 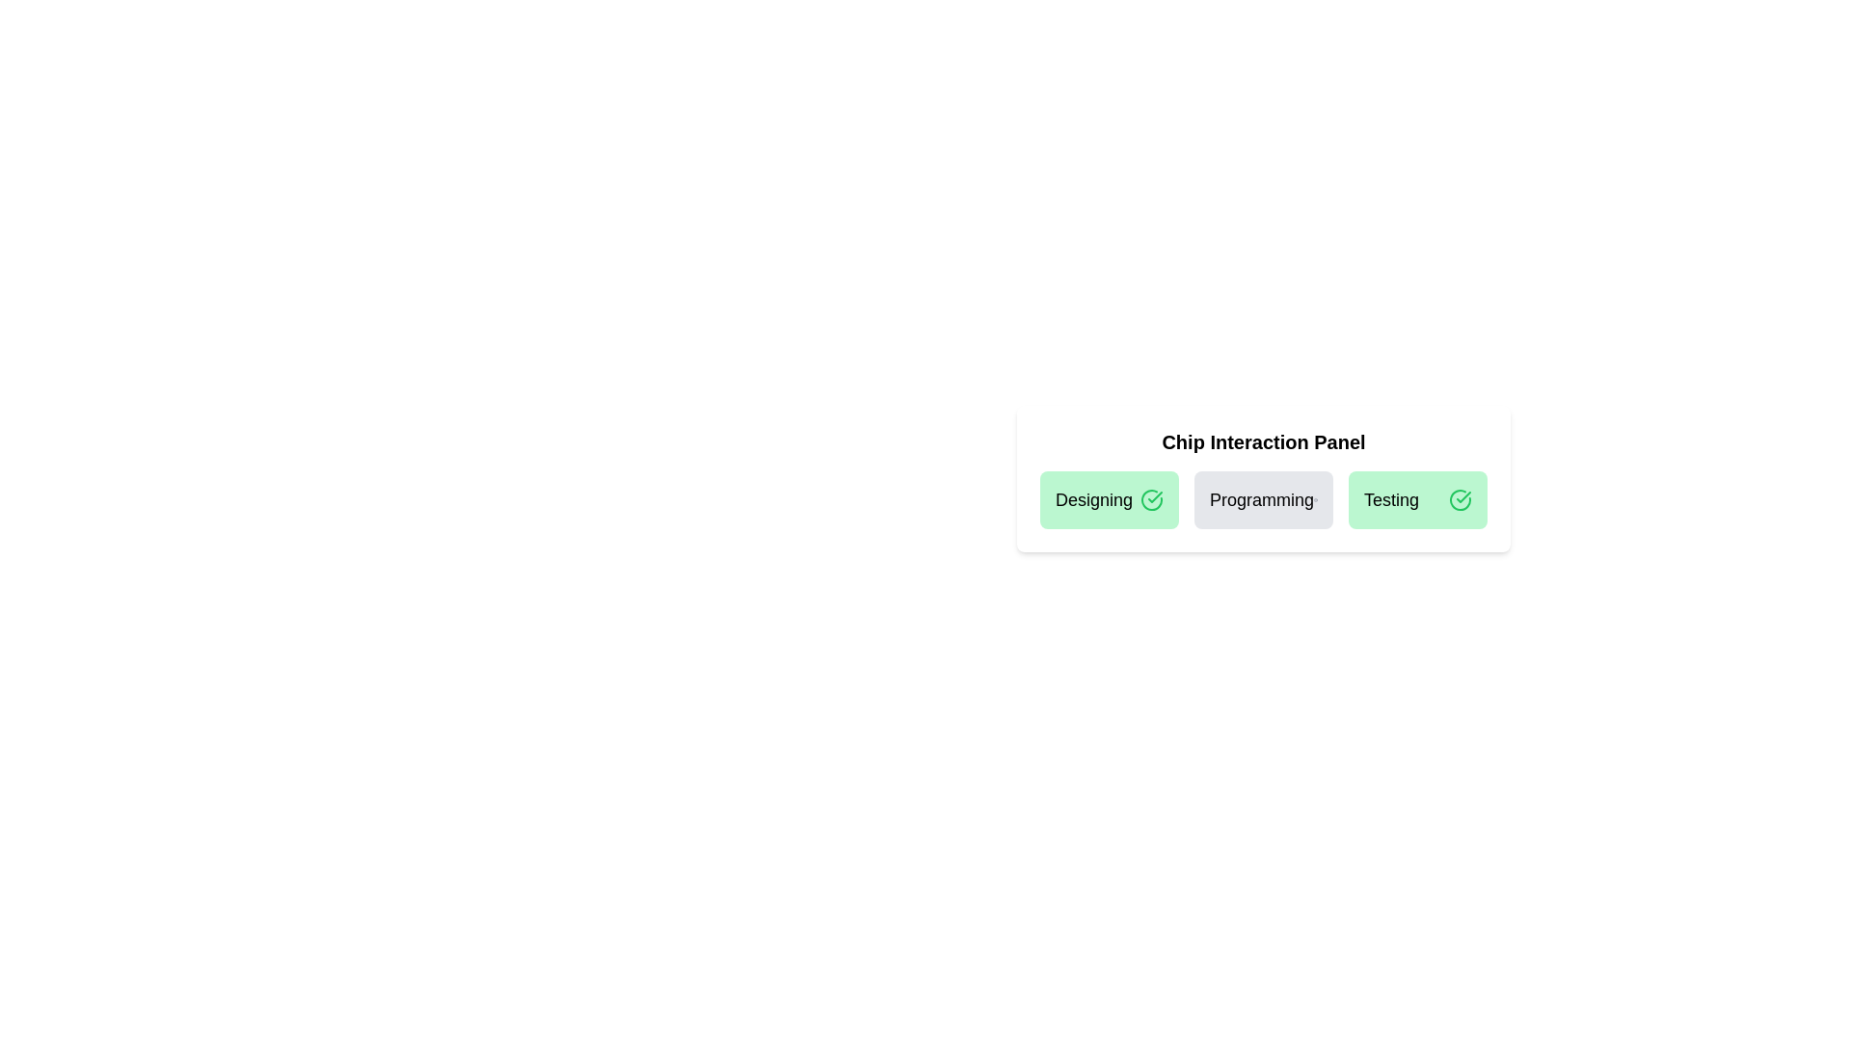 What do you see at coordinates (1263, 442) in the screenshot?
I see `the title text of the chip interaction panel to review its content` at bounding box center [1263, 442].